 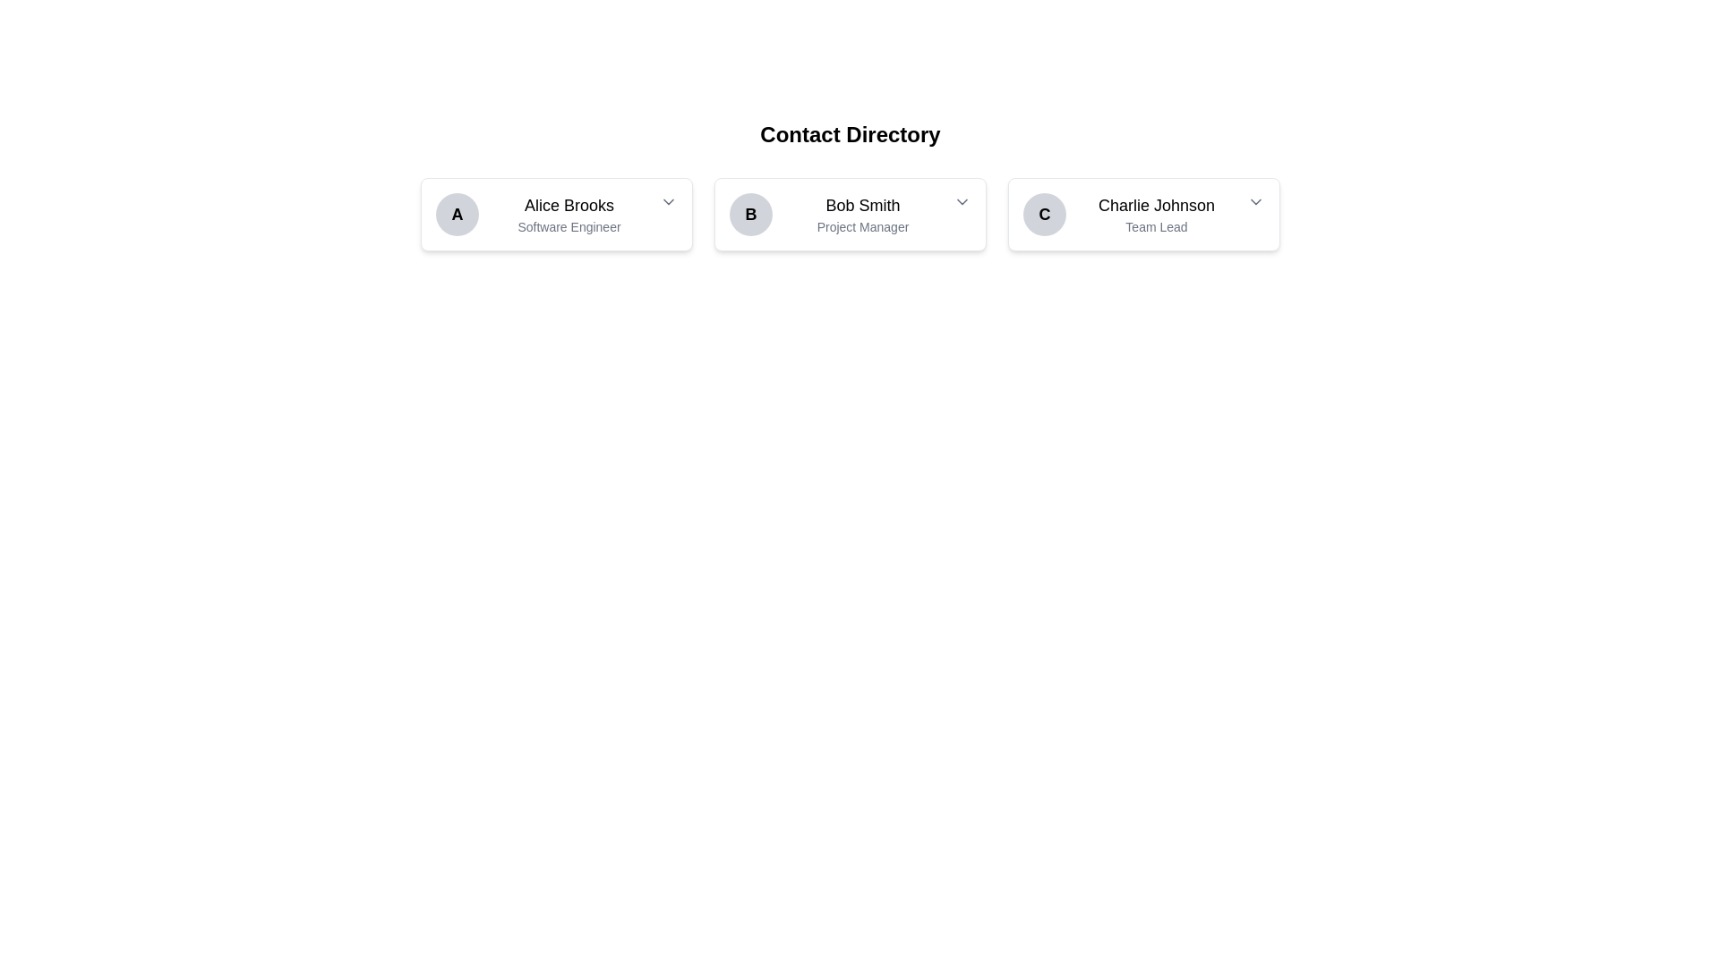 What do you see at coordinates (568, 205) in the screenshot?
I see `the text label displaying the contact name in the first card of the horizontal grid, positioned above the job title 'Software Engineer'` at bounding box center [568, 205].